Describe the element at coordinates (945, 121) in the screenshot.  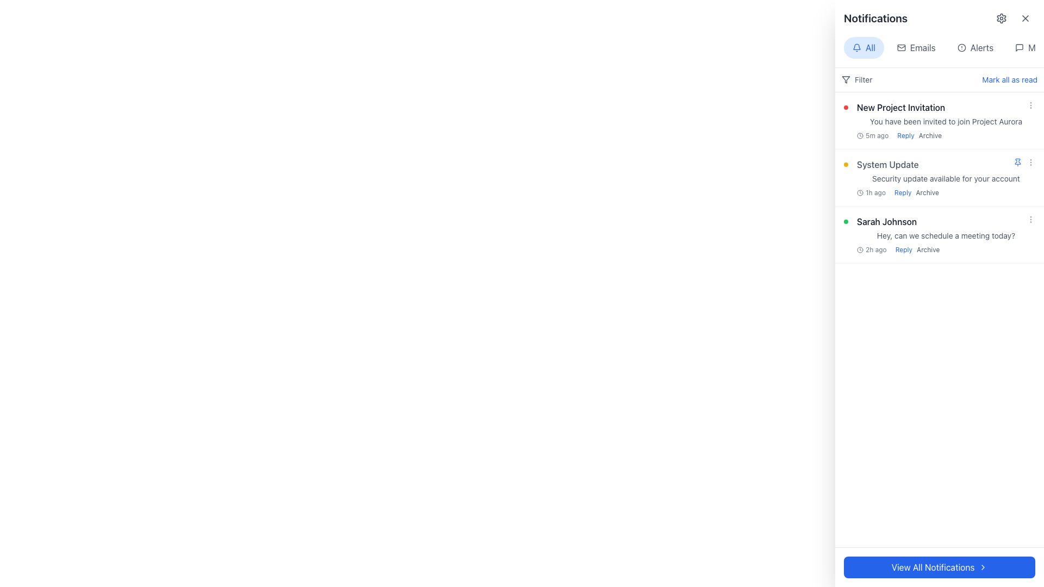
I see `text label displaying 'You have been invited to join Project Aurora', which is small and gray, located under the 'New Project Invitation' heading` at that location.